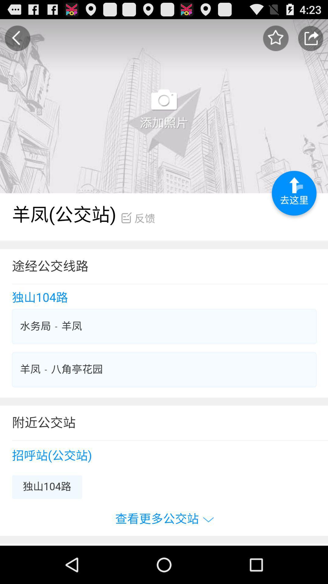 This screenshot has height=584, width=328. What do you see at coordinates (306, 307) in the screenshot?
I see `the minus icon` at bounding box center [306, 307].